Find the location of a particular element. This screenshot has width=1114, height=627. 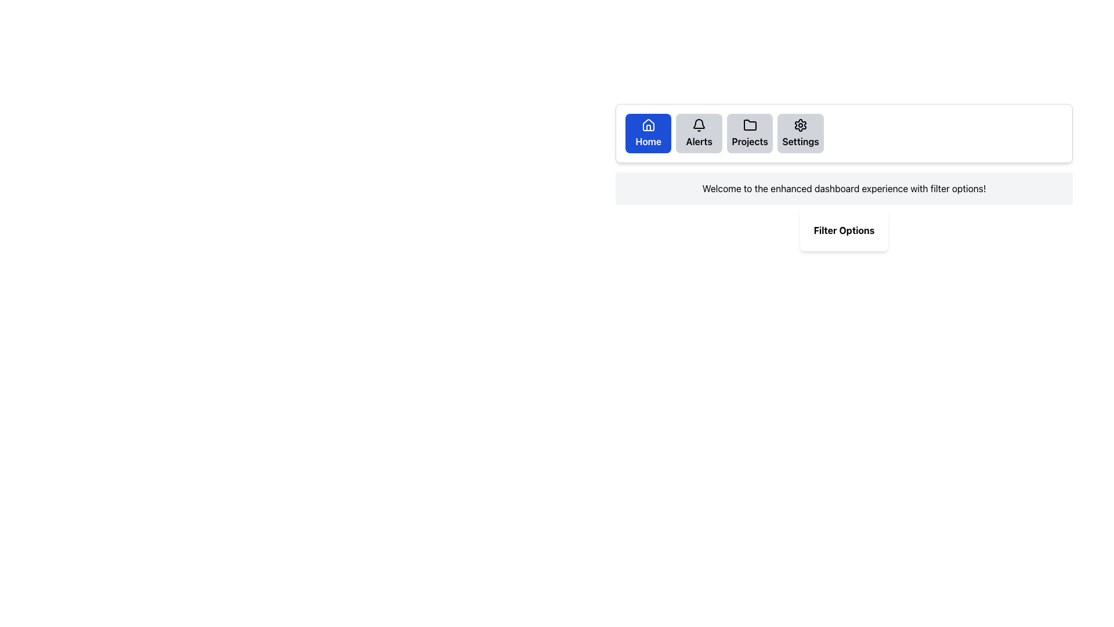

the 'Alerts' button, which is a rectangular button with a light gray background, rounded corners, a black bell icon at the top center, and the text 'Alerts' in bold black font below the icon is located at coordinates (699, 133).